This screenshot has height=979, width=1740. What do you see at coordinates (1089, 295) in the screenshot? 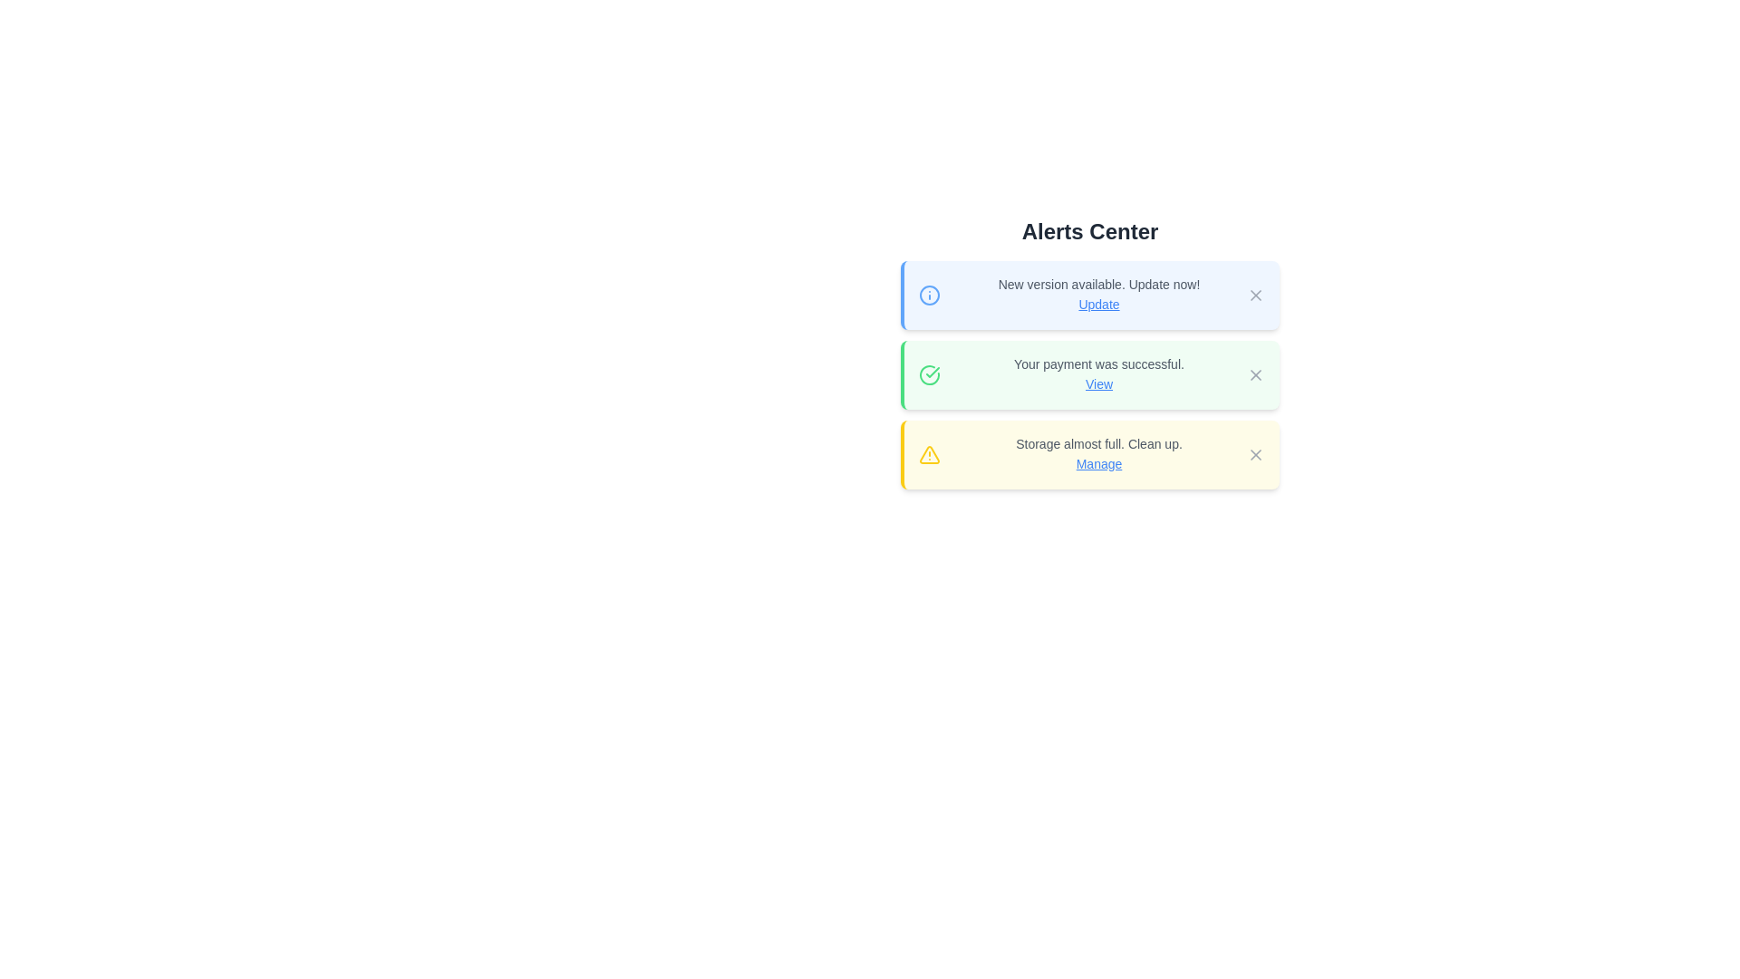
I see `the 'Update' hyperlink on the first notification card in the Alerts Center to initiate the update process` at bounding box center [1089, 295].